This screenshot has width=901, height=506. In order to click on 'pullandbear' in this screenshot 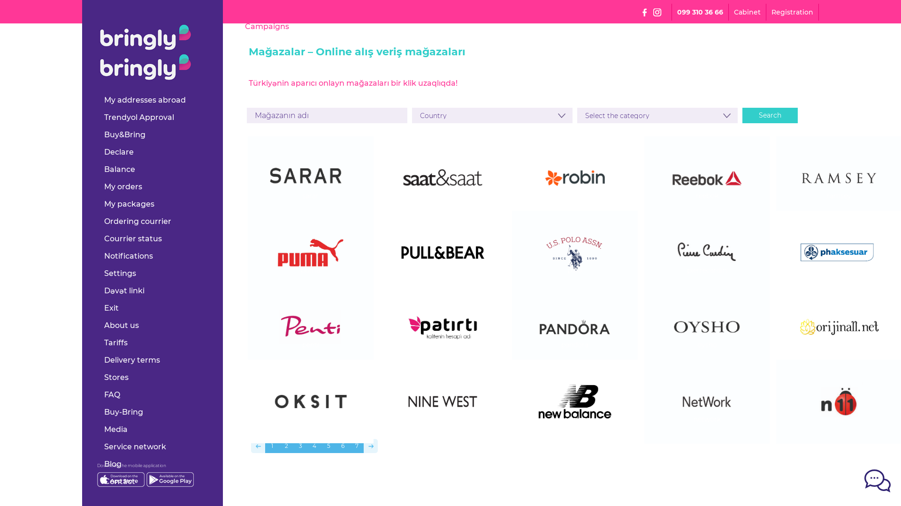, I will do `click(443, 270)`.